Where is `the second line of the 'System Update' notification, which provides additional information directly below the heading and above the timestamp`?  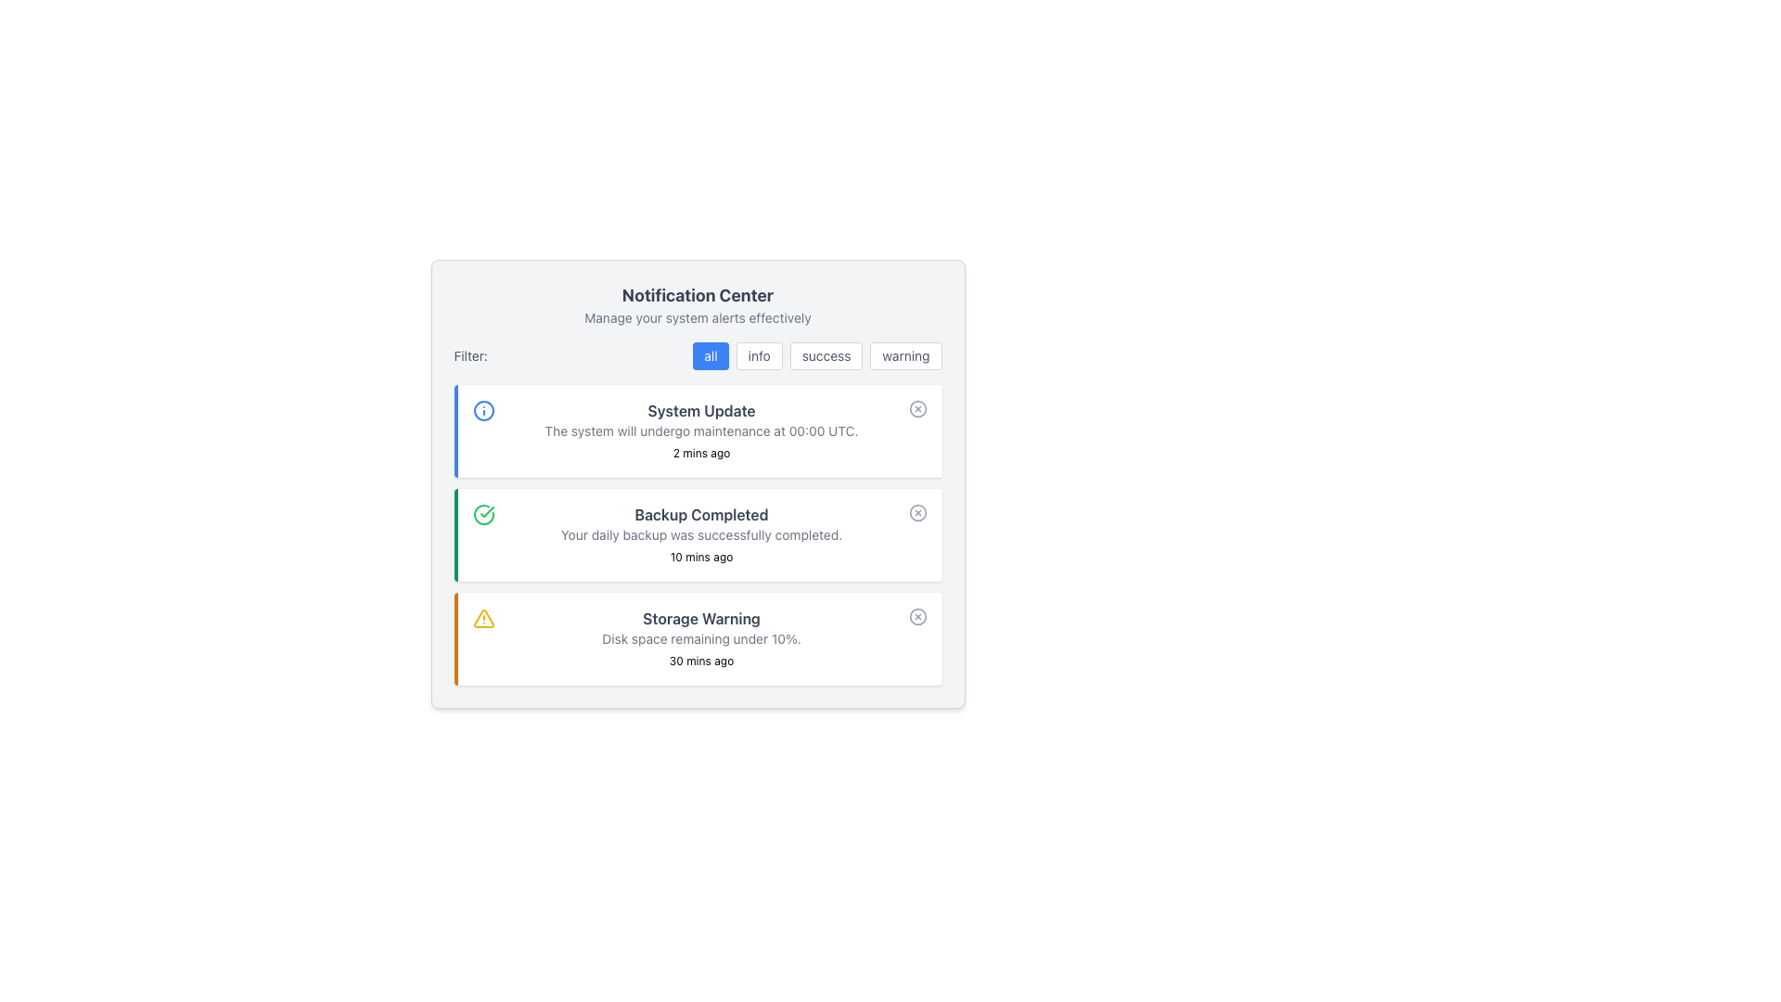
the second line of the 'System Update' notification, which provides additional information directly below the heading and above the timestamp is located at coordinates (700, 431).